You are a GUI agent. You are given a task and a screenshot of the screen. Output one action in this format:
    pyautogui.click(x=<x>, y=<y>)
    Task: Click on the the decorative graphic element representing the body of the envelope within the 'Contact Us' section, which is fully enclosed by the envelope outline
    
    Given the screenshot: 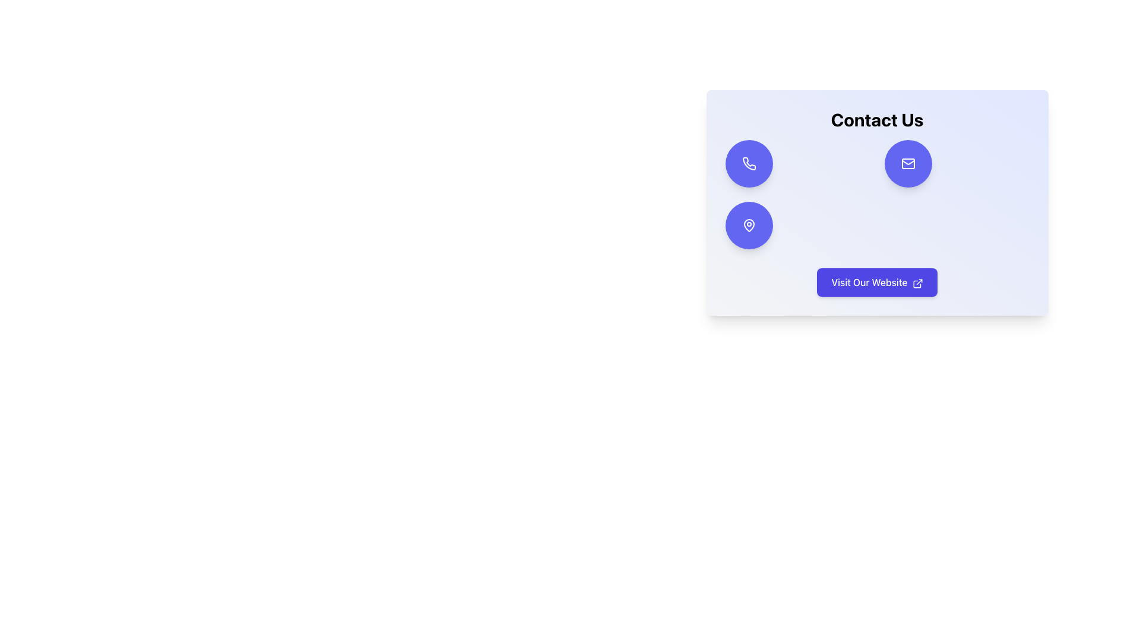 What is the action you would take?
    pyautogui.click(x=907, y=164)
    